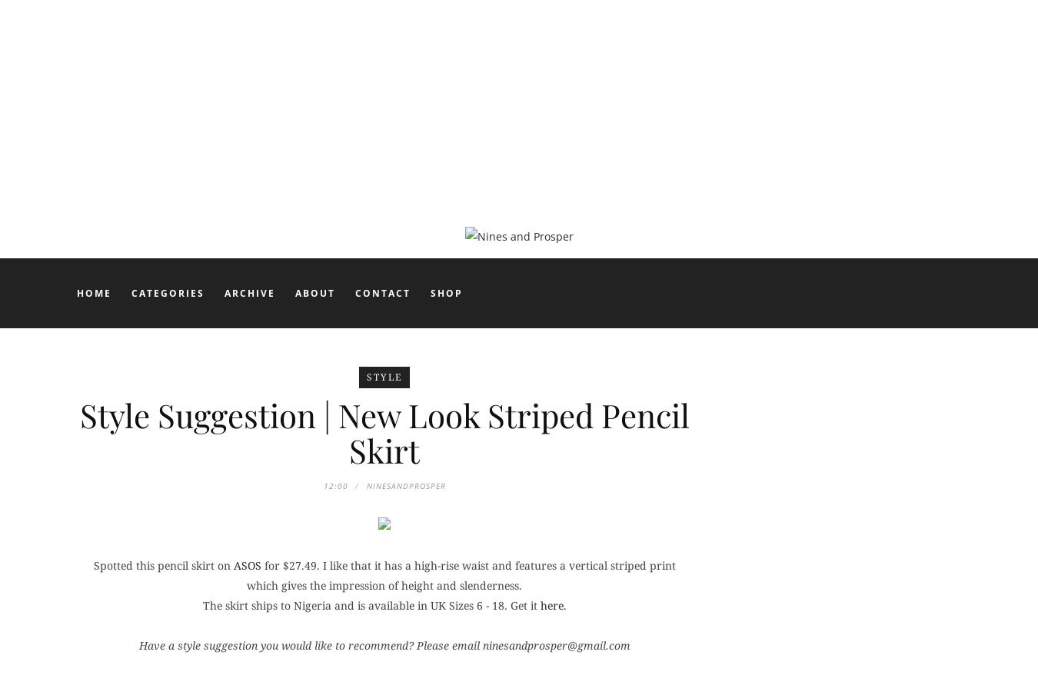 This screenshot has height=695, width=1038. What do you see at coordinates (370, 604) in the screenshot?
I see `'The skirt ships to Nigeria and is available in UK Sizes 6 - 18. Get it'` at bounding box center [370, 604].